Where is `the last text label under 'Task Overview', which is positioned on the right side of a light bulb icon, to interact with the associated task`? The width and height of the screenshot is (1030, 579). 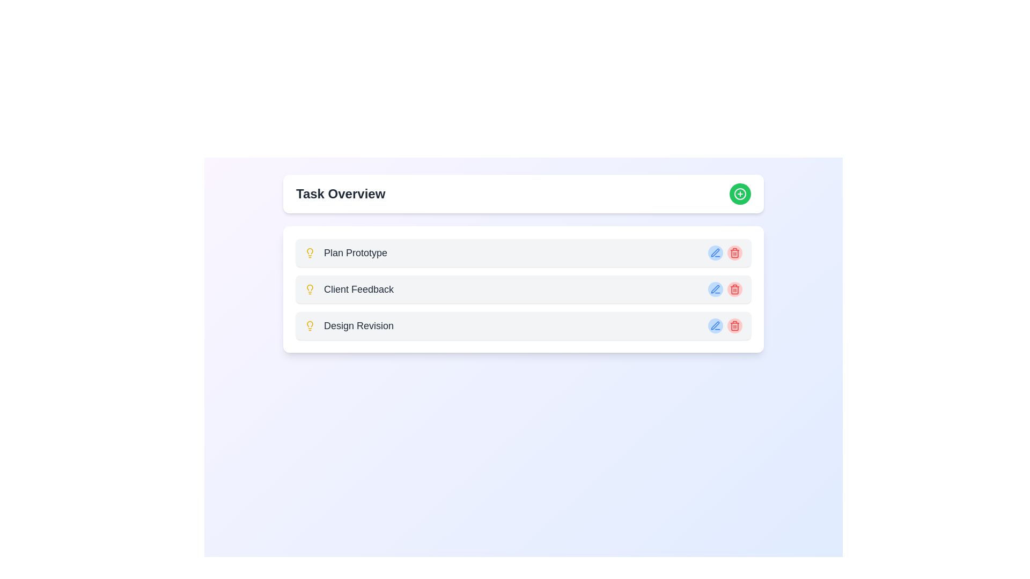 the last text label under 'Task Overview', which is positioned on the right side of a light bulb icon, to interact with the associated task is located at coordinates (359, 325).